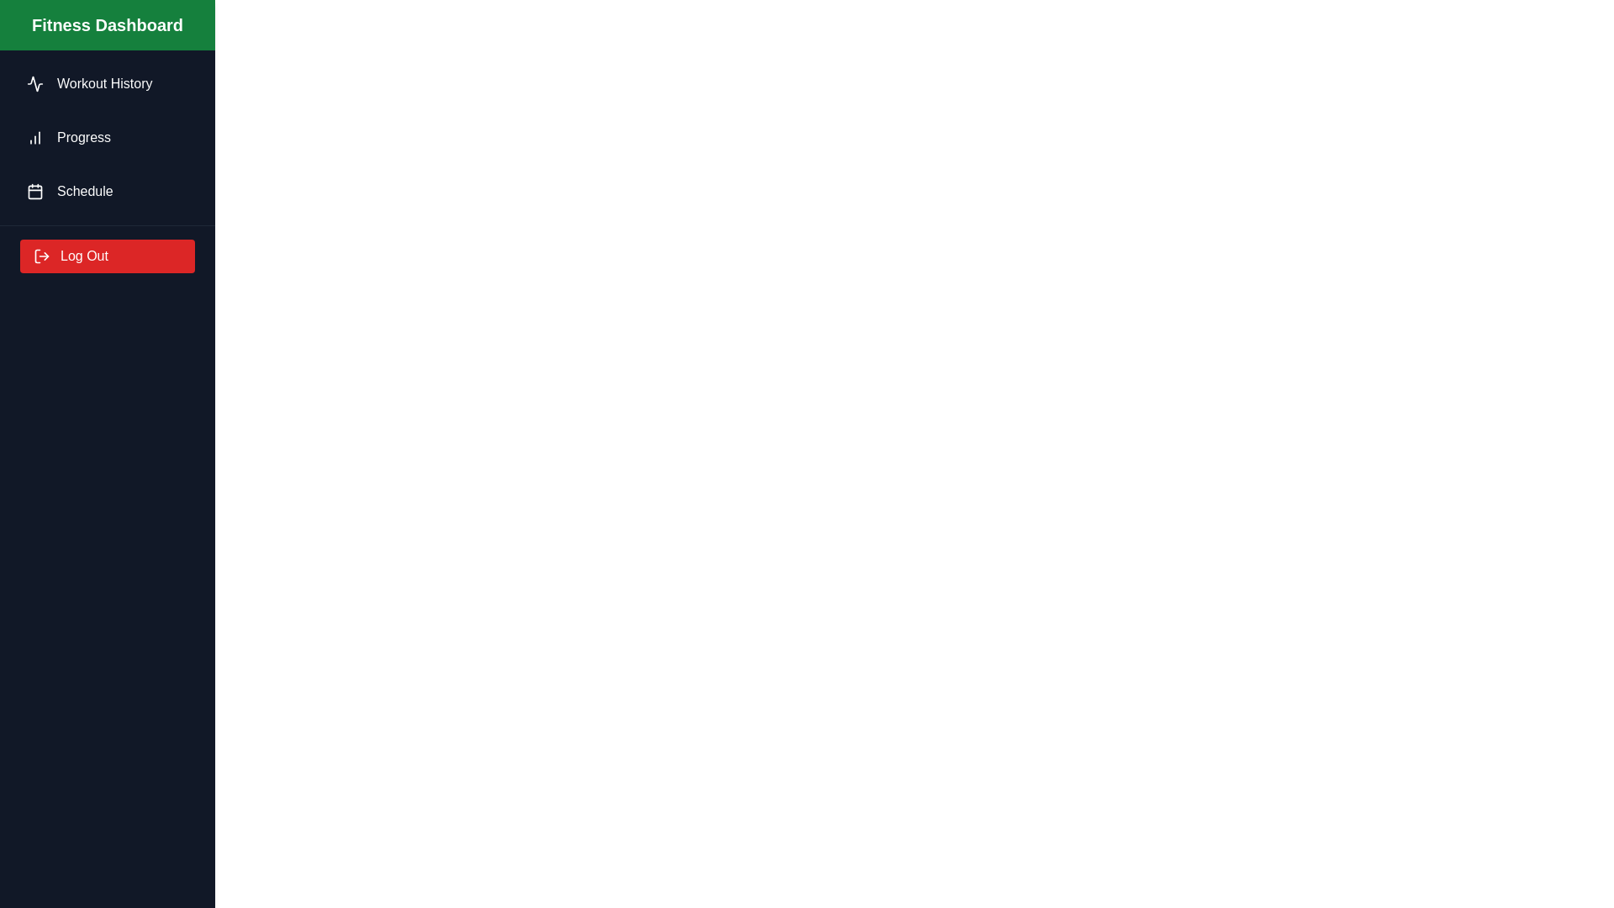 Image resolution: width=1614 pixels, height=908 pixels. What do you see at coordinates (103, 84) in the screenshot?
I see `the 'Workout History' text label in the vertical navigation panel, which is located immediately below the 'Fitness Dashboard' header` at bounding box center [103, 84].